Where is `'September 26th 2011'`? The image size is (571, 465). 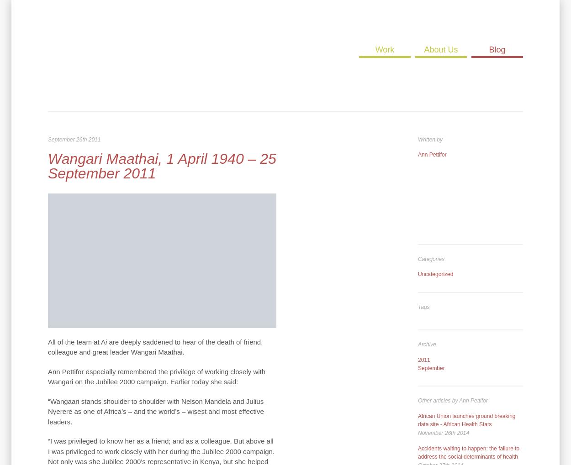 'September 26th 2011' is located at coordinates (74, 138).